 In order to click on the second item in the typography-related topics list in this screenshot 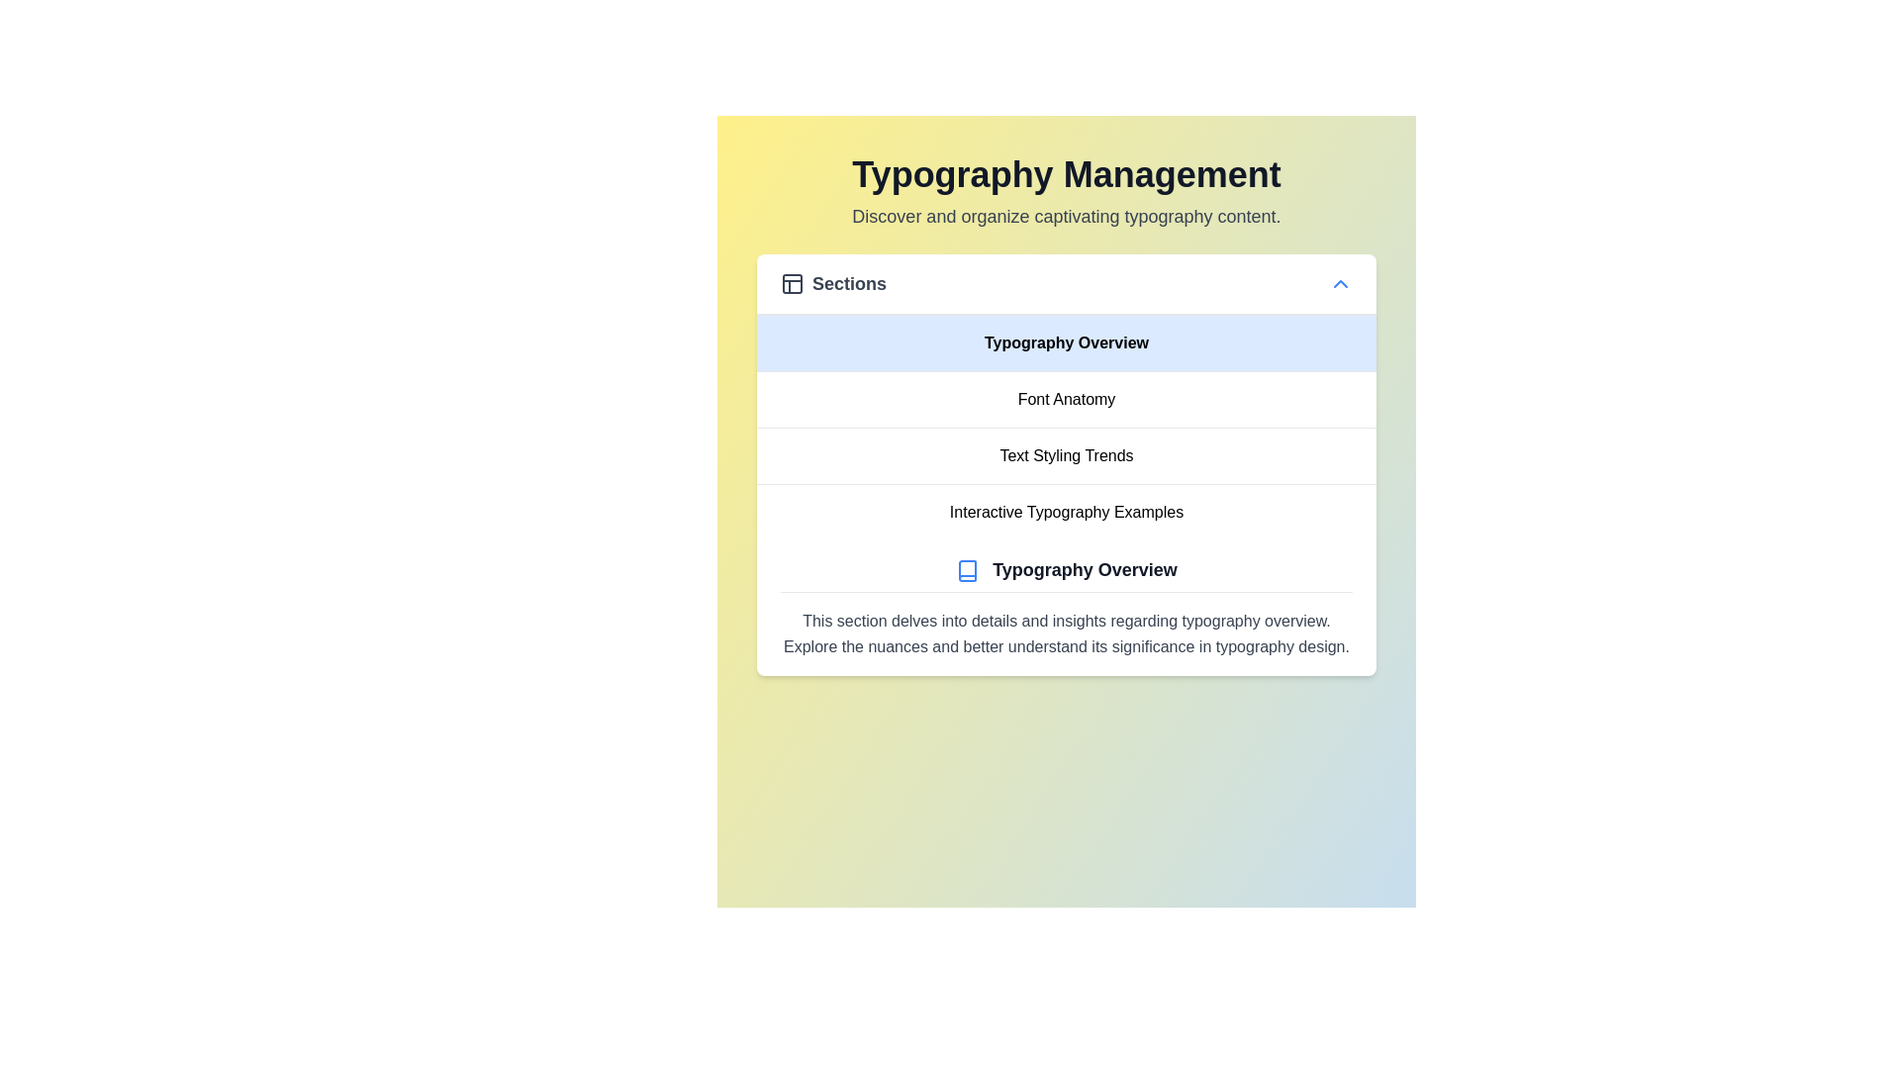, I will do `click(1066, 398)`.